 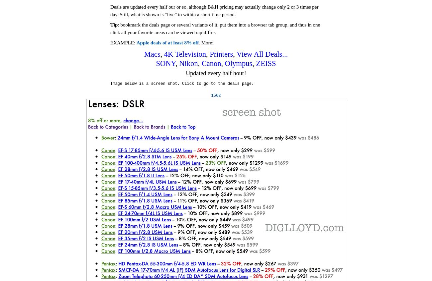 What do you see at coordinates (110, 10) in the screenshot?
I see `'Deals are updated every half our or so, although B&H pricing may actually change only 2 or 3 times per day. Still, what is shown is “live” to within a short time period.'` at bounding box center [110, 10].